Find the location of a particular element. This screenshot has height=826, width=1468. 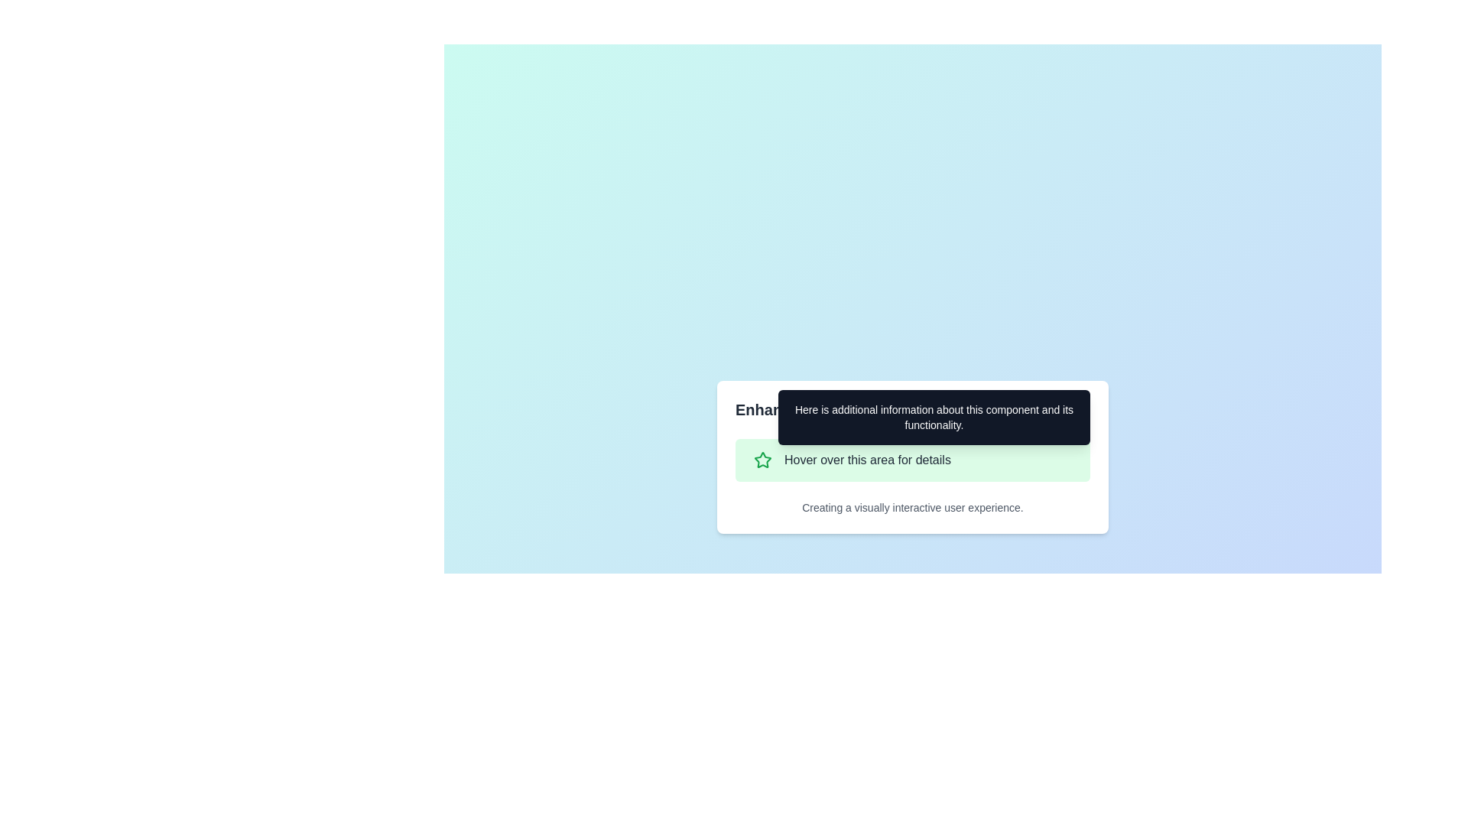

the star-shaped icon outlined in green, which is located on a light green background in the modal window is located at coordinates (763, 459).